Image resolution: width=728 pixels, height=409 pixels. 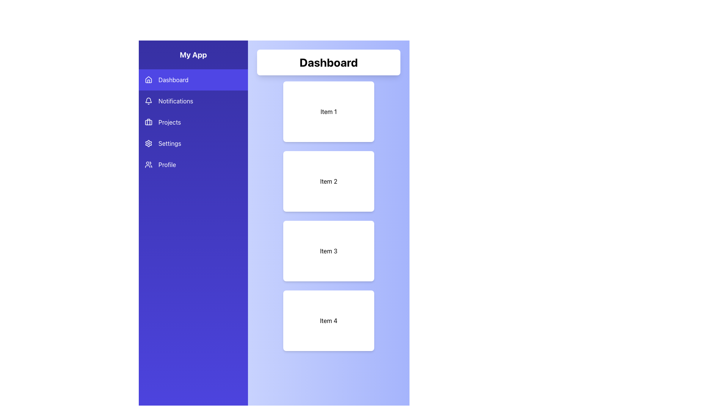 I want to click on the Settings button located as the fourth item in the sidebar menu, so click(x=193, y=143).